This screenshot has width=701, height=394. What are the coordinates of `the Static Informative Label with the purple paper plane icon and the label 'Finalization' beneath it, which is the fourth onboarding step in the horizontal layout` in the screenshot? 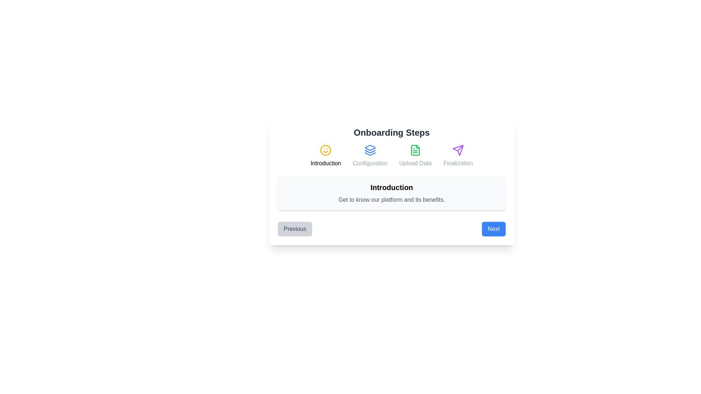 It's located at (457, 156).